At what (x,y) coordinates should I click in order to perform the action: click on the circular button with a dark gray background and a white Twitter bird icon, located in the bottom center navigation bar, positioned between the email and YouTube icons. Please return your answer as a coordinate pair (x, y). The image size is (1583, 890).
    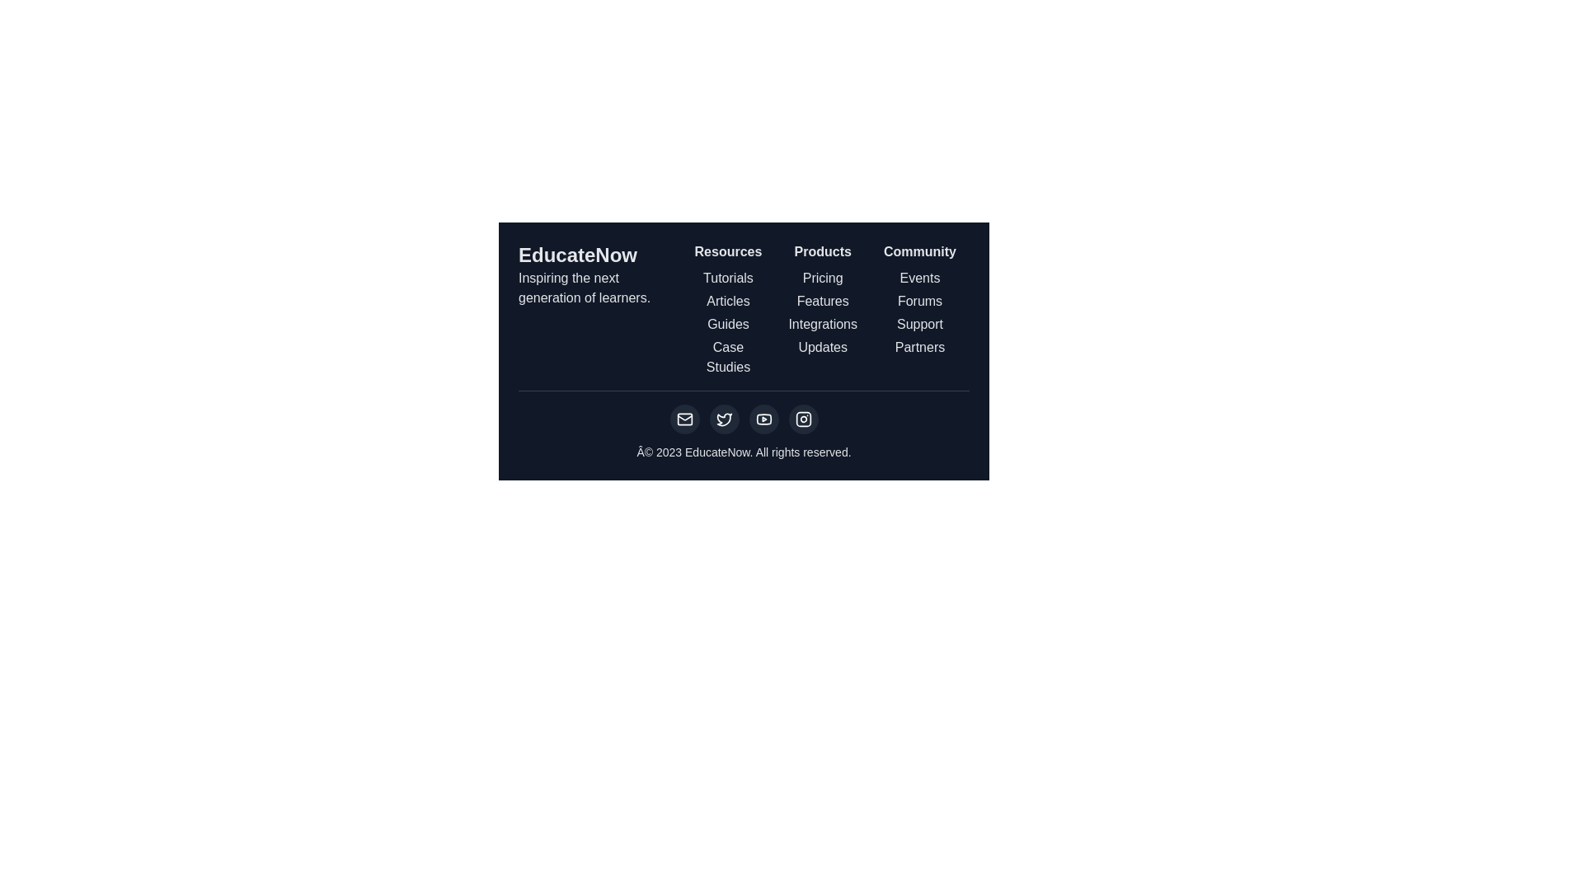
    Looking at the image, I should click on (724, 419).